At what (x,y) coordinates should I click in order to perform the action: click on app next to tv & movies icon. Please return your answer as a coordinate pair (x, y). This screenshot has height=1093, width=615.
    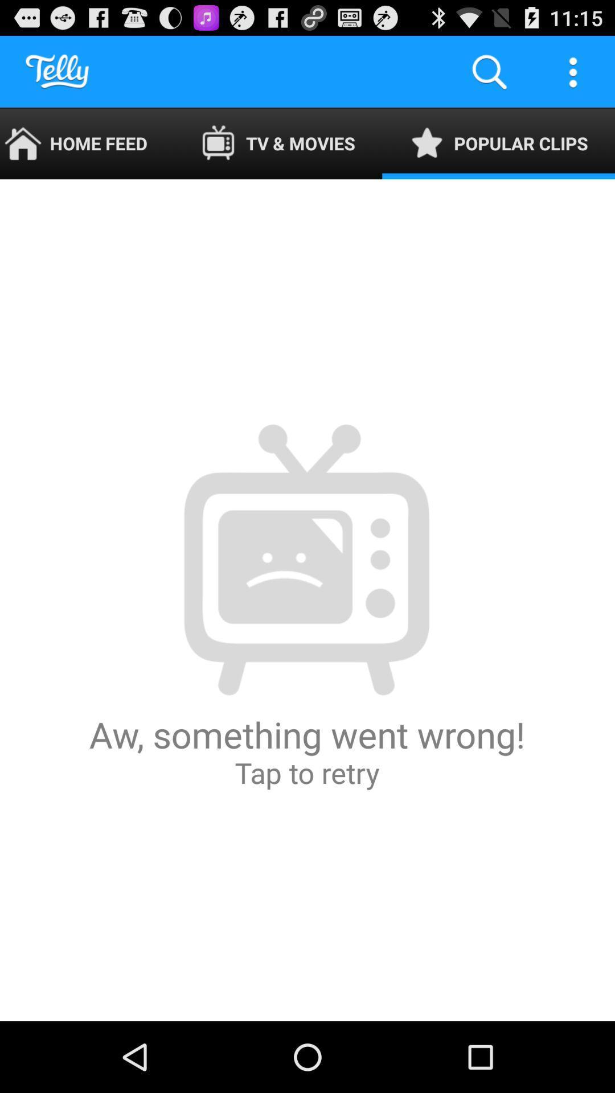
    Looking at the image, I should click on (489, 71).